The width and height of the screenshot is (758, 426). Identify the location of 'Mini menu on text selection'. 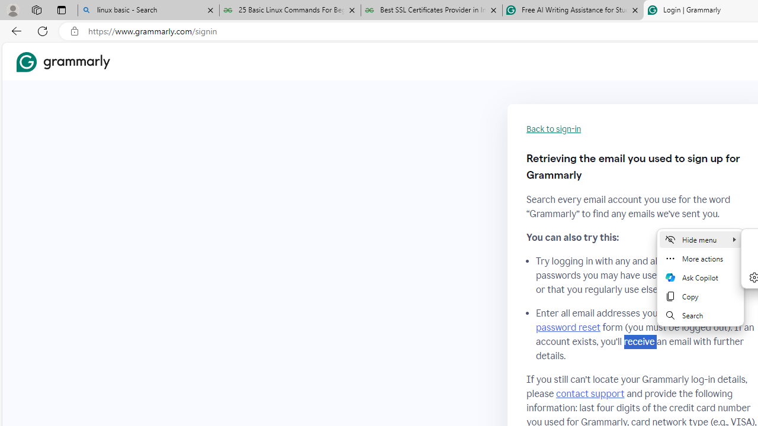
(700, 277).